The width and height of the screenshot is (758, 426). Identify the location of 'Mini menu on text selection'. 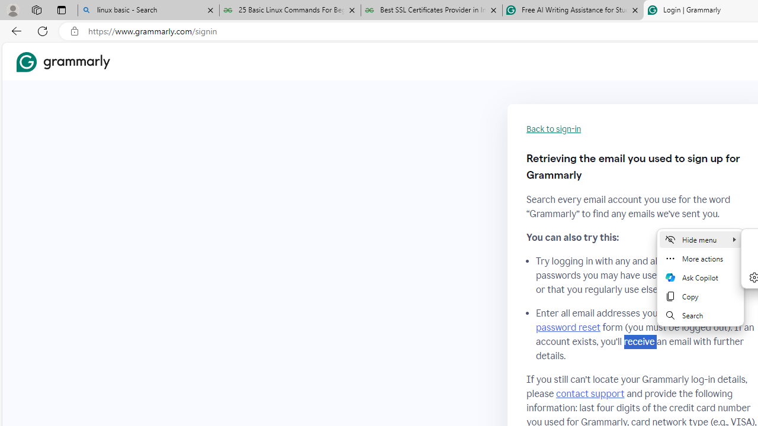
(700, 277).